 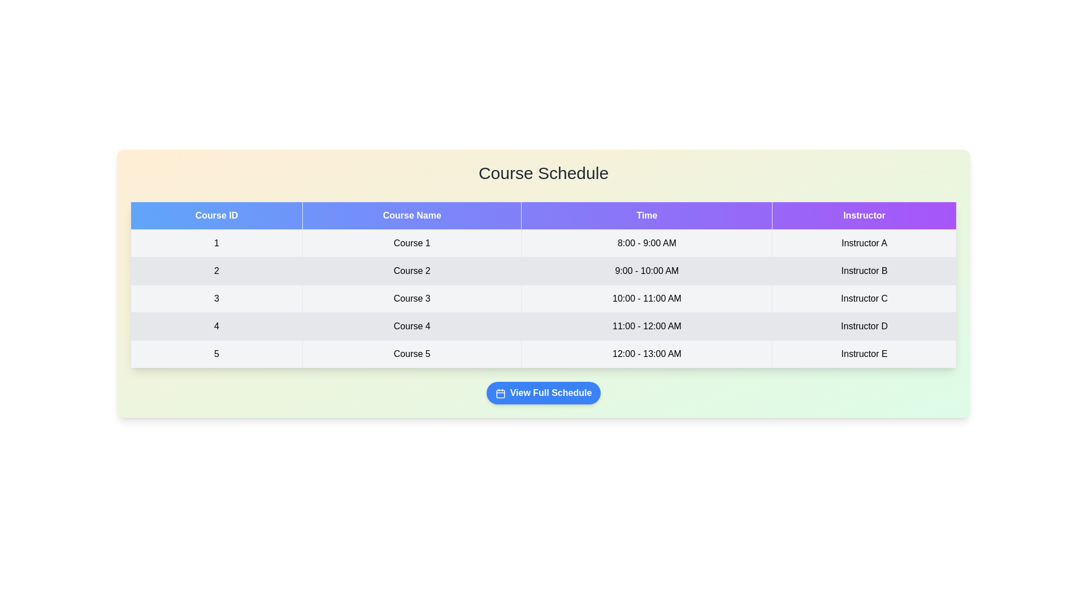 I want to click on the row corresponding to 3, so click(x=543, y=298).